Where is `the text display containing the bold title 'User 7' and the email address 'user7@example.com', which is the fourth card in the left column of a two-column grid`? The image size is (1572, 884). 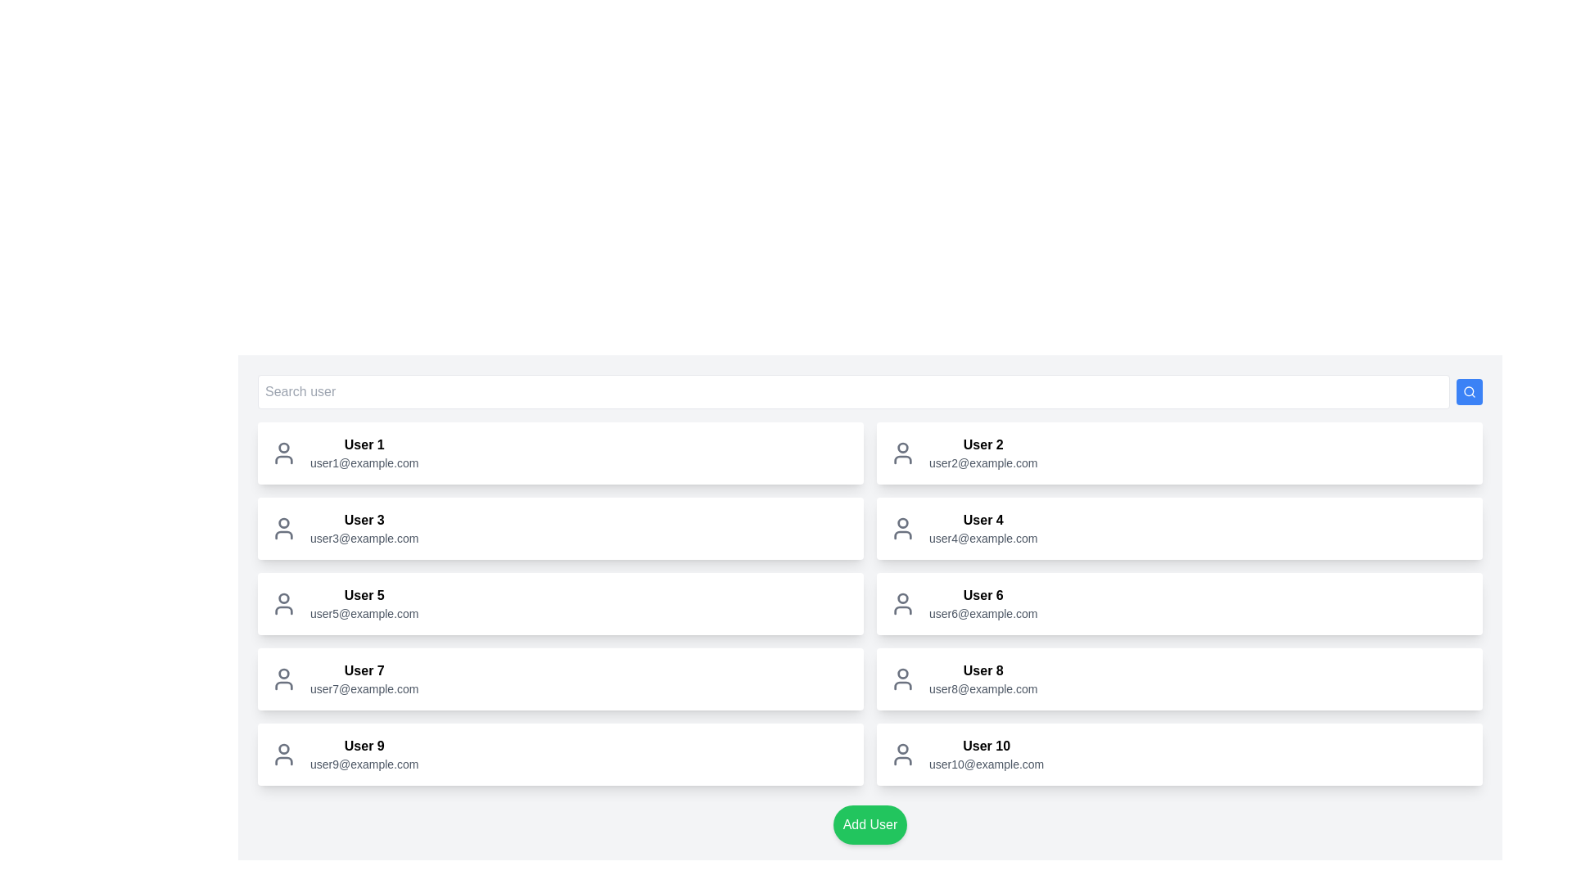
the text display containing the bold title 'User 7' and the email address 'user7@example.com', which is the fourth card in the left column of a two-column grid is located at coordinates (364, 679).